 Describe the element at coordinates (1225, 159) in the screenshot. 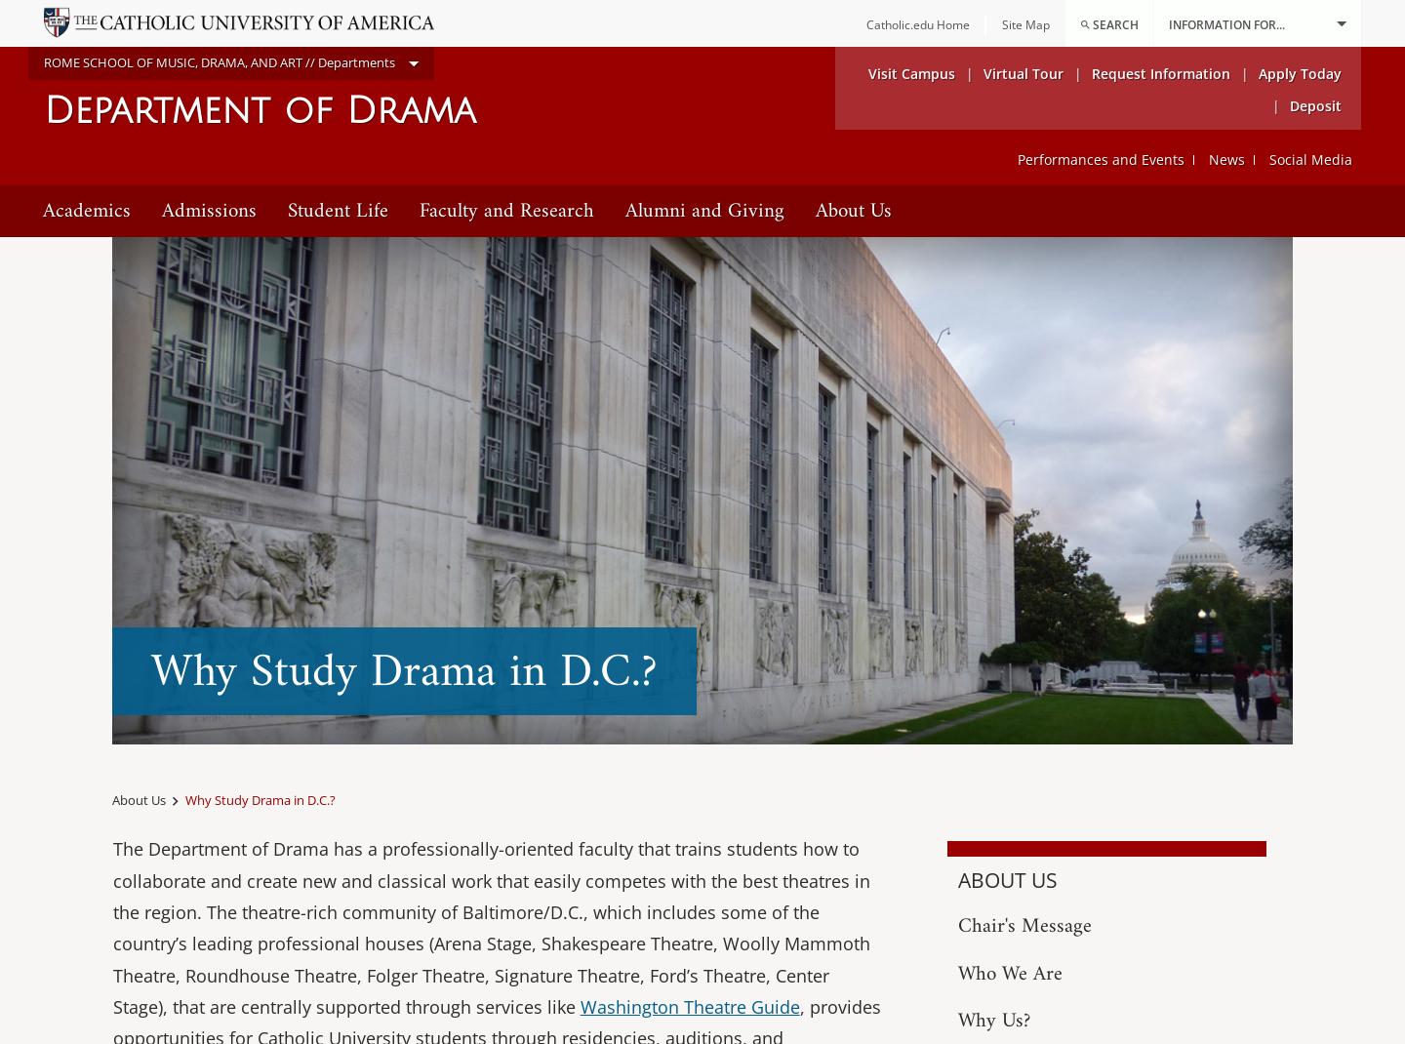

I see `'News'` at that location.